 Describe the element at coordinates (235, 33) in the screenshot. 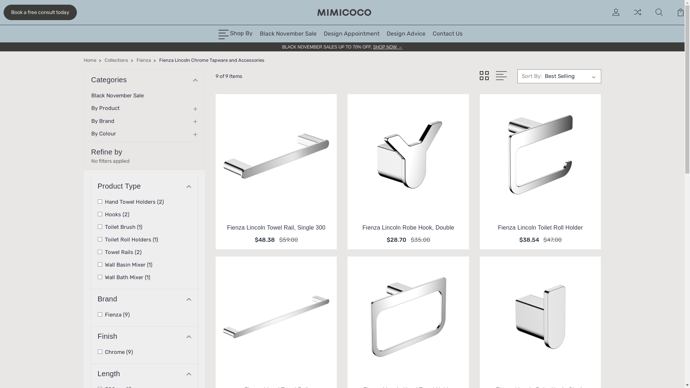

I see `'Shop By'` at that location.